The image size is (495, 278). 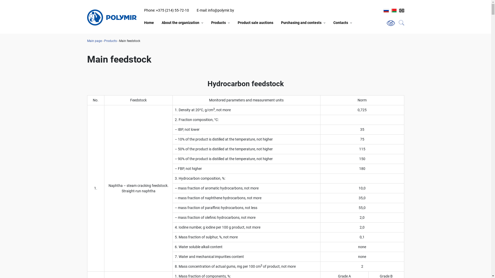 What do you see at coordinates (340, 22) in the screenshot?
I see `'Contacts'` at bounding box center [340, 22].